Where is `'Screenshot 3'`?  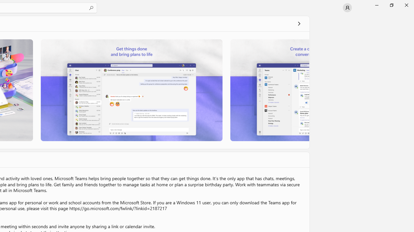 'Screenshot 3' is located at coordinates (269, 90).